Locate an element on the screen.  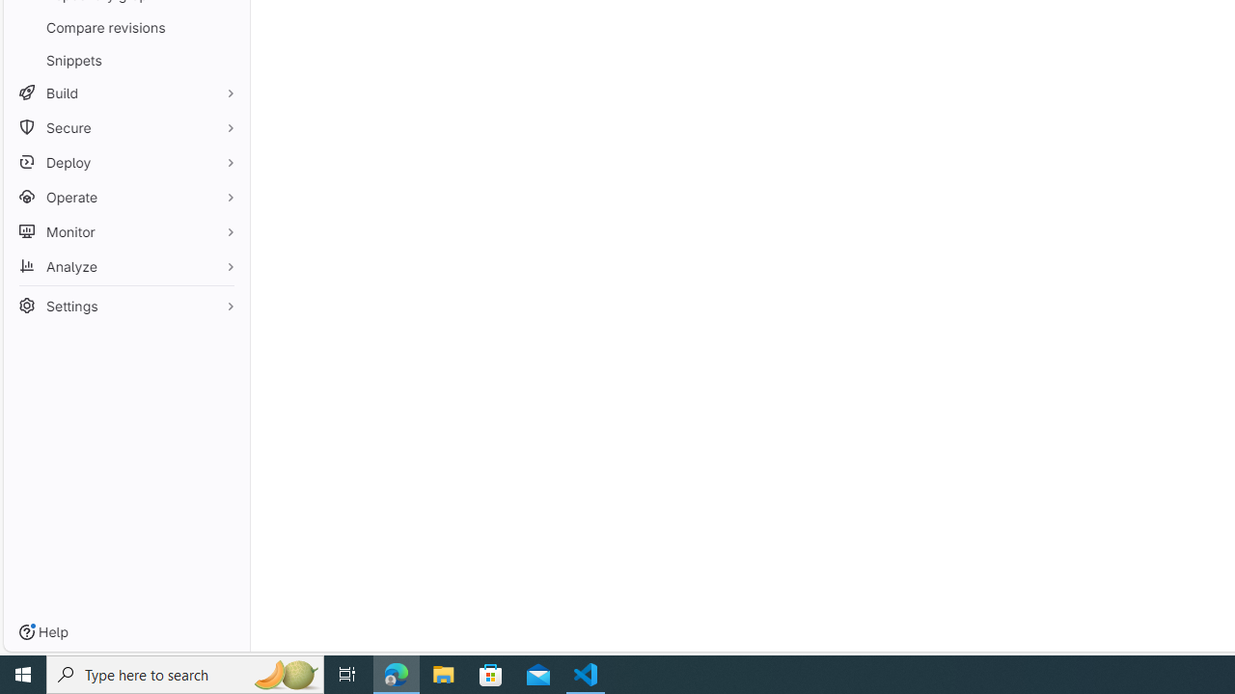
'Build' is located at coordinates (125, 93).